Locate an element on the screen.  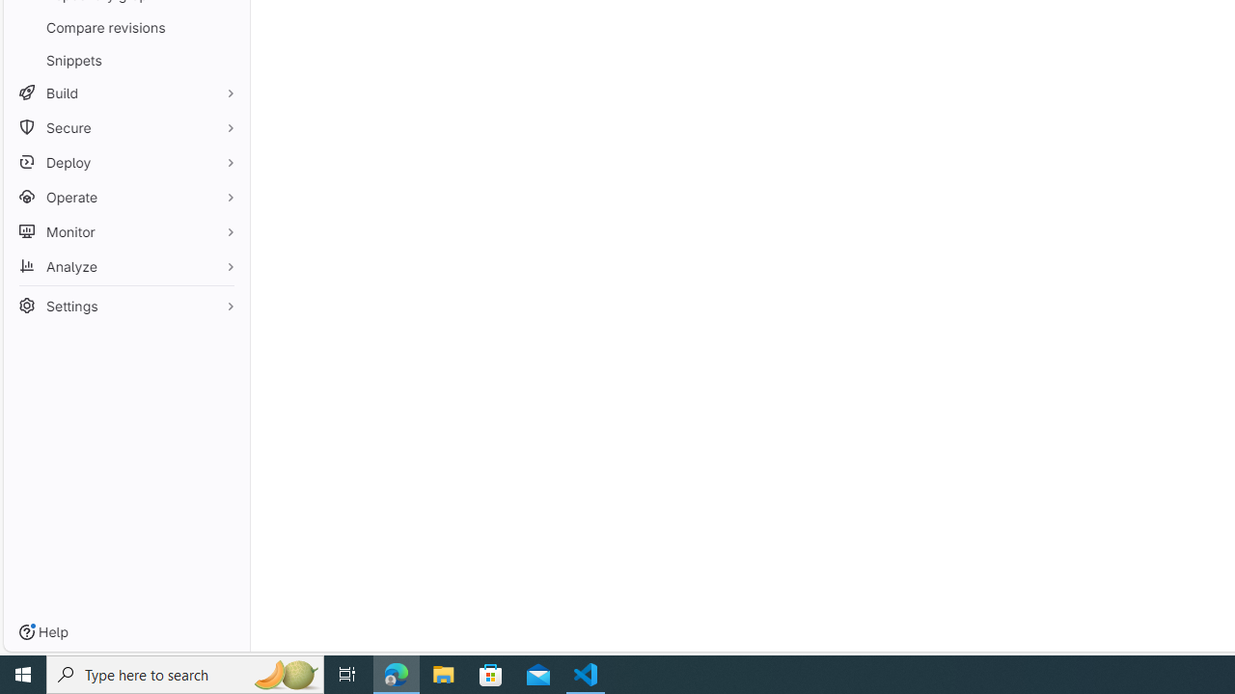
'Build' is located at coordinates (125, 93).